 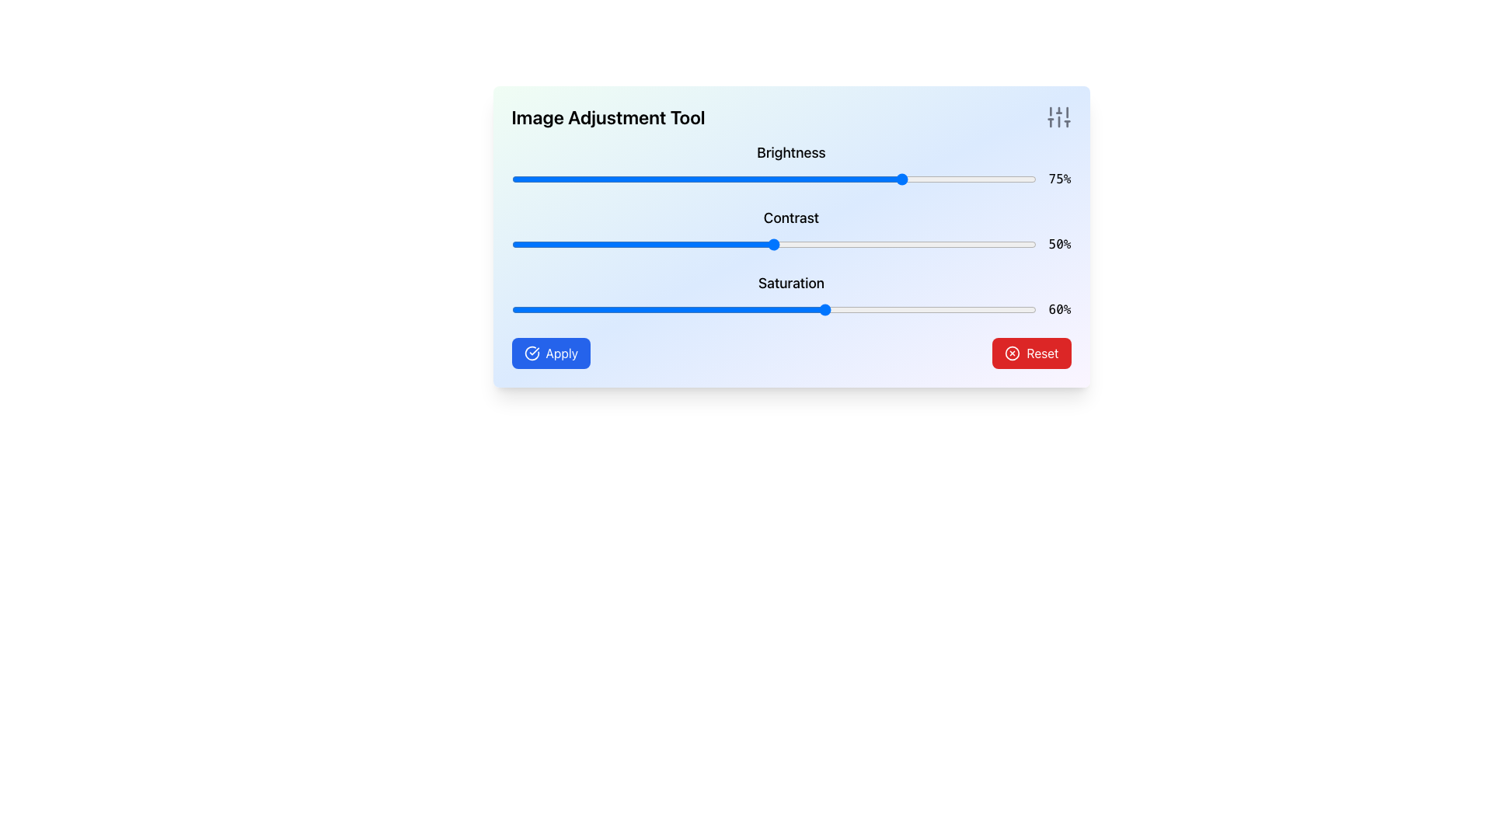 What do you see at coordinates (715, 245) in the screenshot?
I see `contrast` at bounding box center [715, 245].